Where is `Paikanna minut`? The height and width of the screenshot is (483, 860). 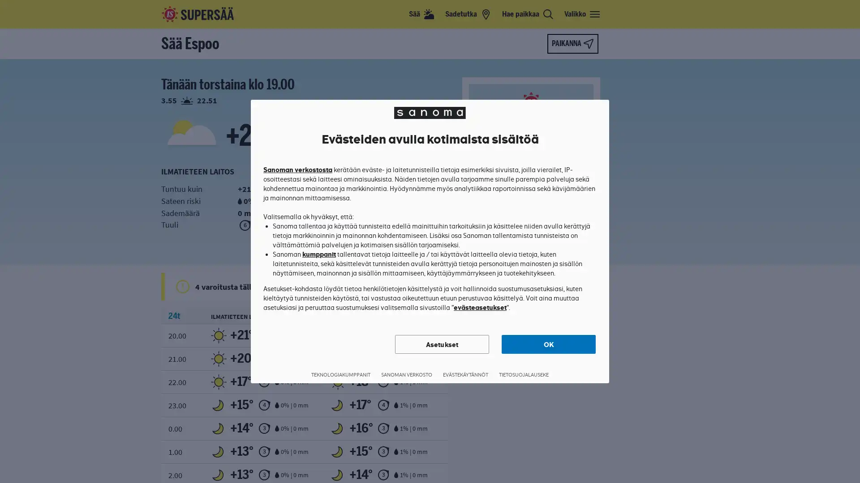 Paikanna minut is located at coordinates (572, 43).